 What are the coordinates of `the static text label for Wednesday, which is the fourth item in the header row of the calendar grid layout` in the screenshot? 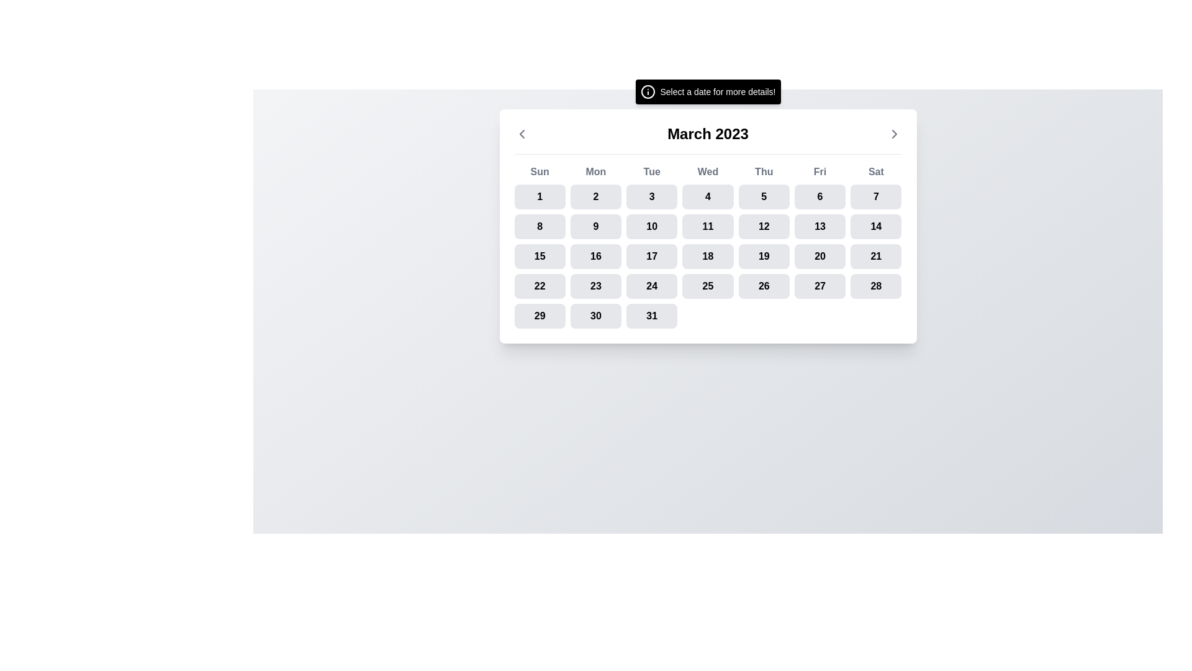 It's located at (708, 172).